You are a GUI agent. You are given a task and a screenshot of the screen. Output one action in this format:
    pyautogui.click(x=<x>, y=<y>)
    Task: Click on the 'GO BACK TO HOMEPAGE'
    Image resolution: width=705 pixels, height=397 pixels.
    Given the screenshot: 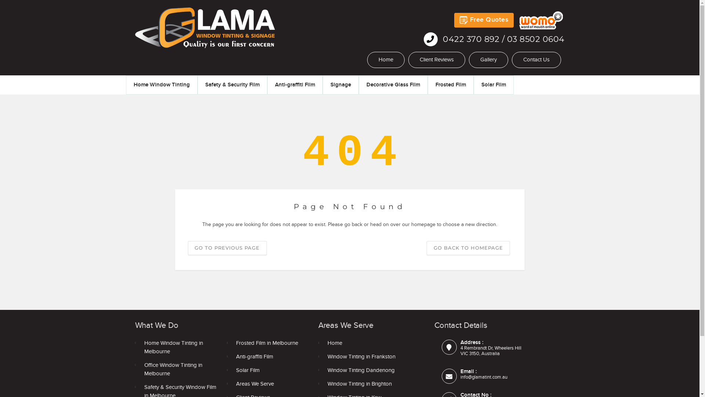 What is the action you would take?
    pyautogui.click(x=468, y=248)
    